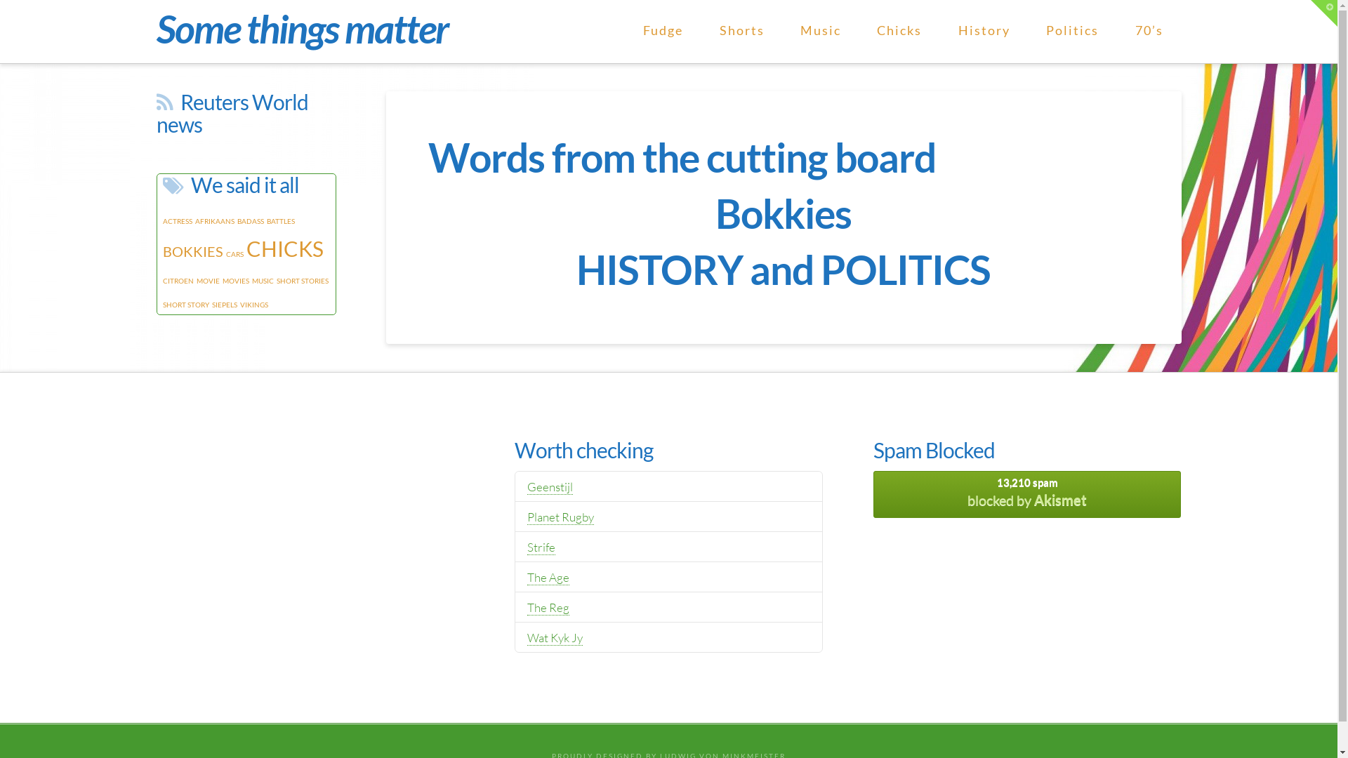 The width and height of the screenshot is (1348, 758). What do you see at coordinates (560, 517) in the screenshot?
I see `'Planet Rugby'` at bounding box center [560, 517].